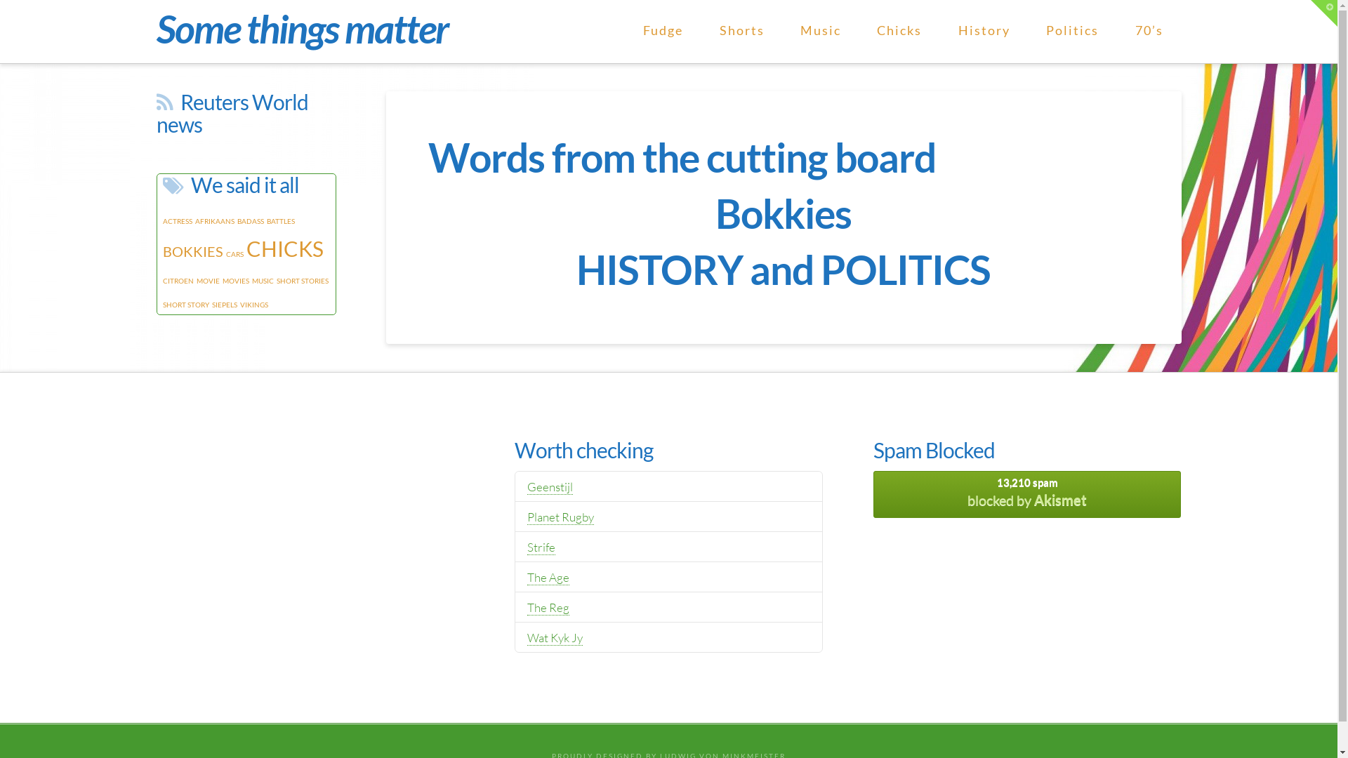 The width and height of the screenshot is (1348, 758). What do you see at coordinates (560, 517) in the screenshot?
I see `'Planet Rugby'` at bounding box center [560, 517].